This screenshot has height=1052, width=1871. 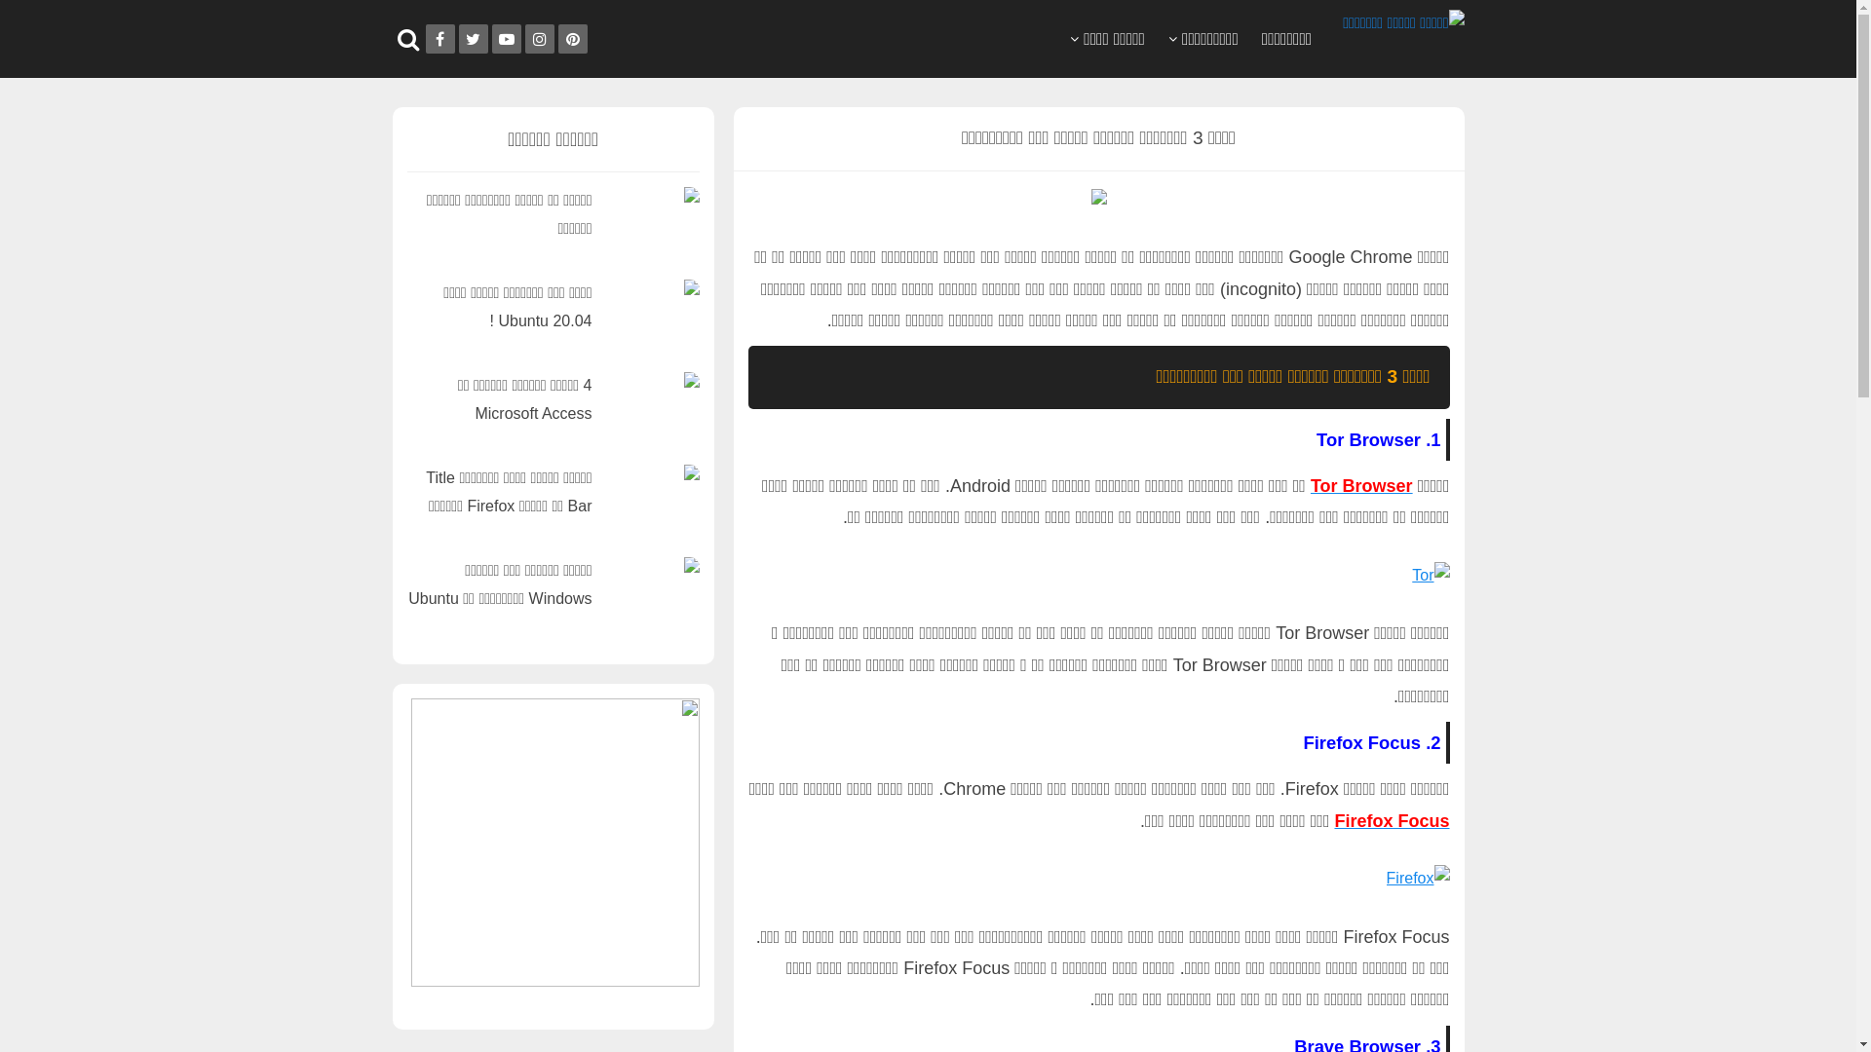 What do you see at coordinates (1310, 484) in the screenshot?
I see `'Tor Browser'` at bounding box center [1310, 484].